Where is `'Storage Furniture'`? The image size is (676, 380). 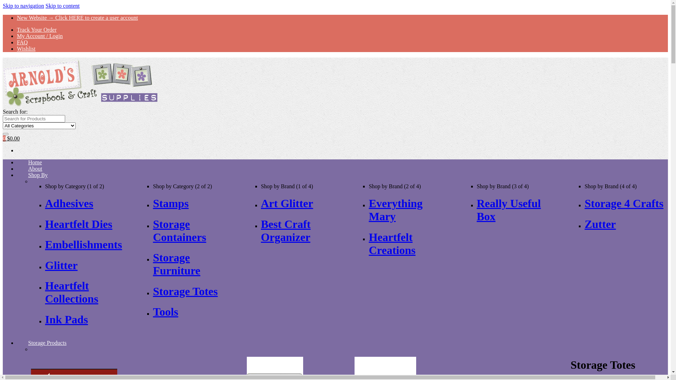 'Storage Furniture' is located at coordinates (176, 264).